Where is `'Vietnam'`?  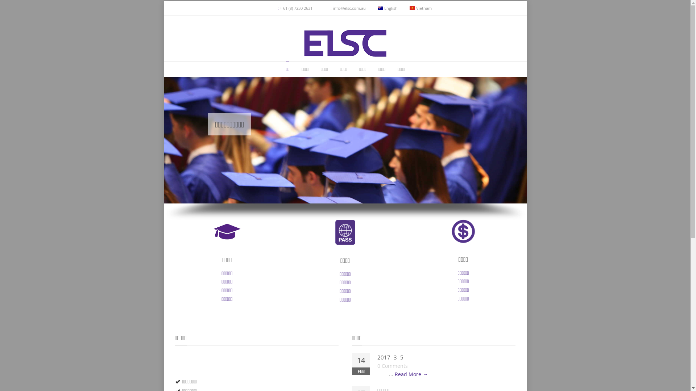 'Vietnam' is located at coordinates (420, 8).